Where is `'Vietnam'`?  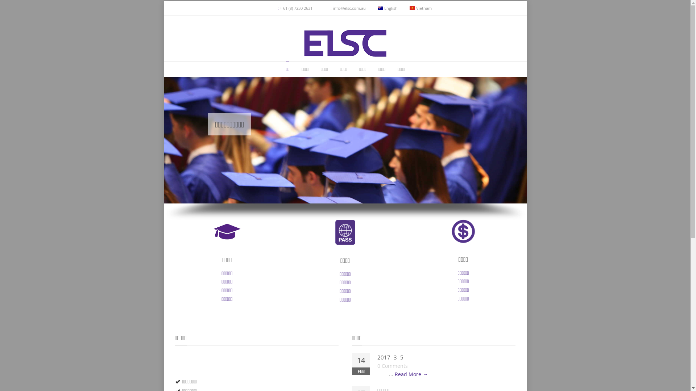 'Vietnam' is located at coordinates (420, 8).